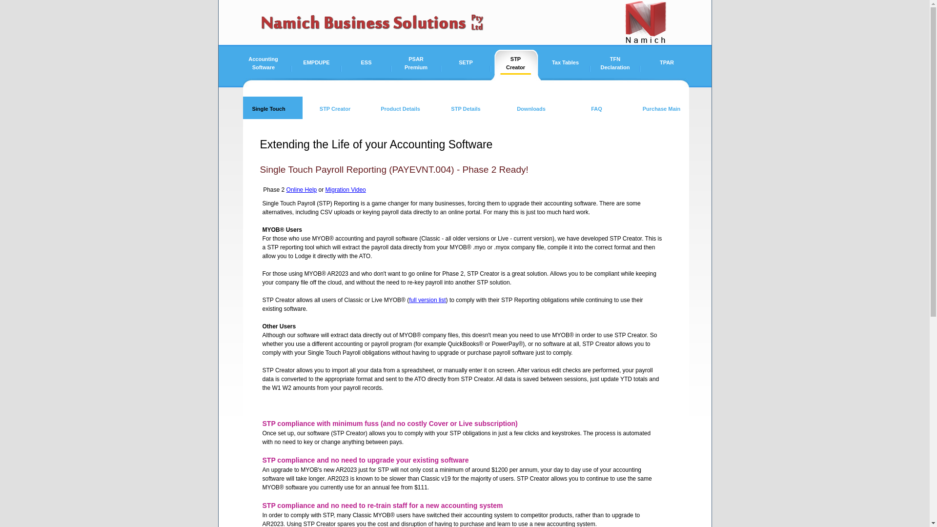 The width and height of the screenshot is (937, 527). Describe the element at coordinates (346, 190) in the screenshot. I see `'Migration Video'` at that location.